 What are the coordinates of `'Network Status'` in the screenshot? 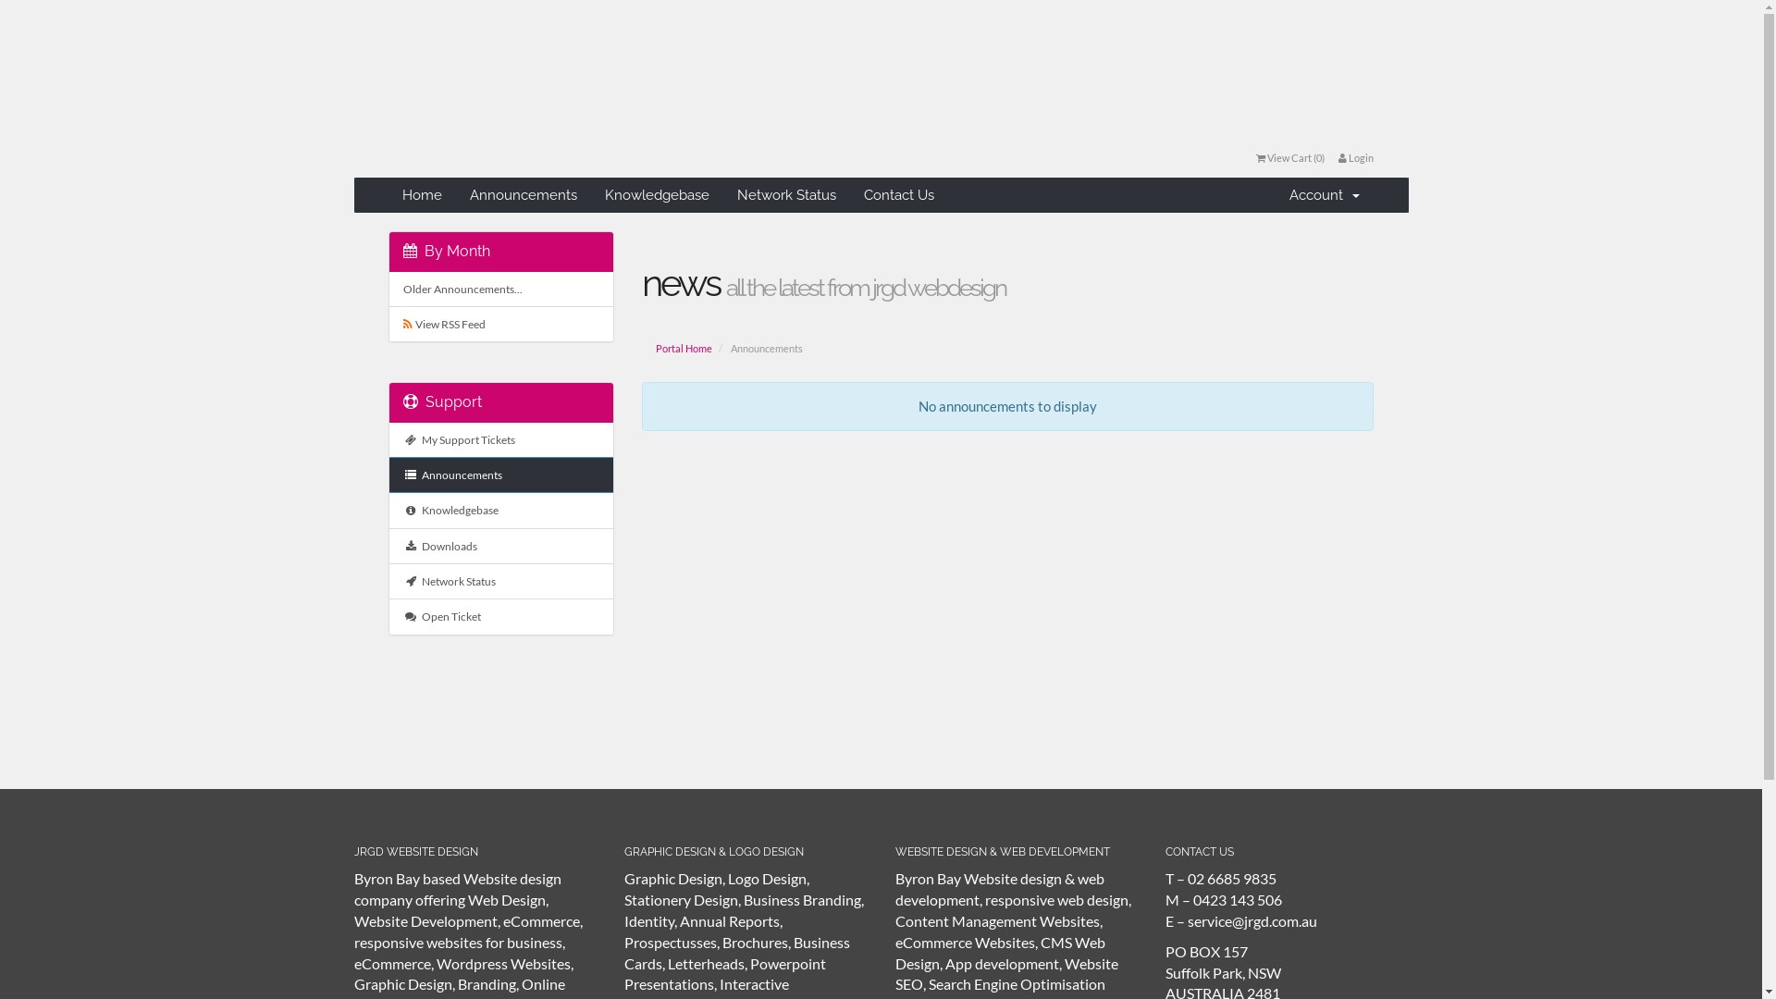 It's located at (786, 195).